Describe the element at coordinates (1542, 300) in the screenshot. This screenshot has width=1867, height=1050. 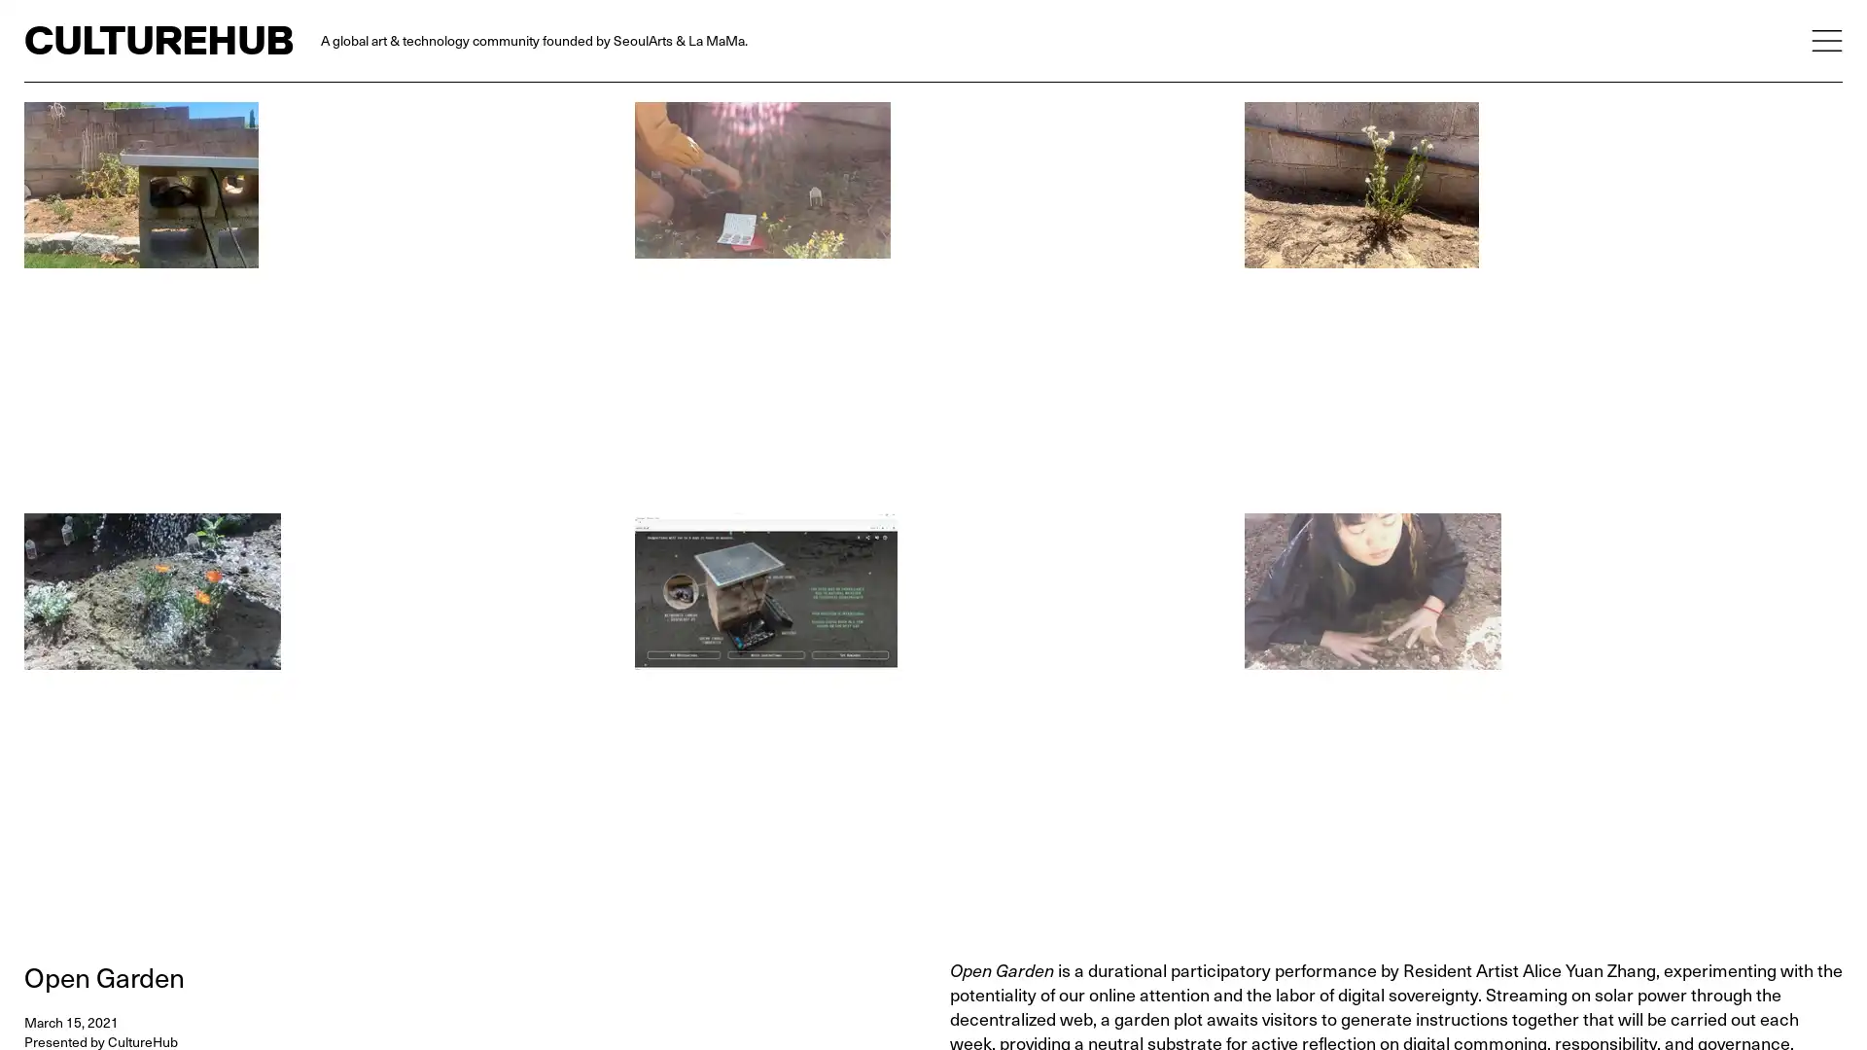
I see `View fullsize Photo 4 of Open Garden from Week 15 (06.24 - California Everlasting).jpg` at that location.